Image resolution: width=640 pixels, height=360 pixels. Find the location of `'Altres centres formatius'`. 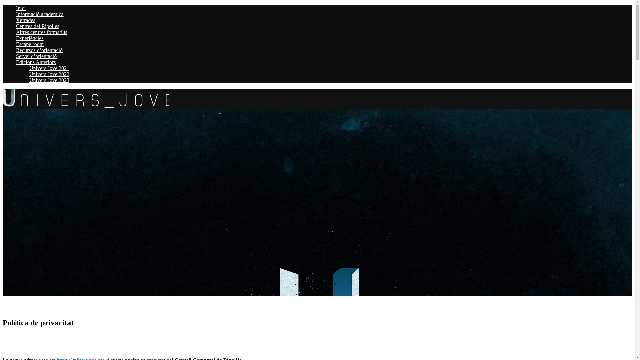

'Altres centres formatius' is located at coordinates (41, 32).